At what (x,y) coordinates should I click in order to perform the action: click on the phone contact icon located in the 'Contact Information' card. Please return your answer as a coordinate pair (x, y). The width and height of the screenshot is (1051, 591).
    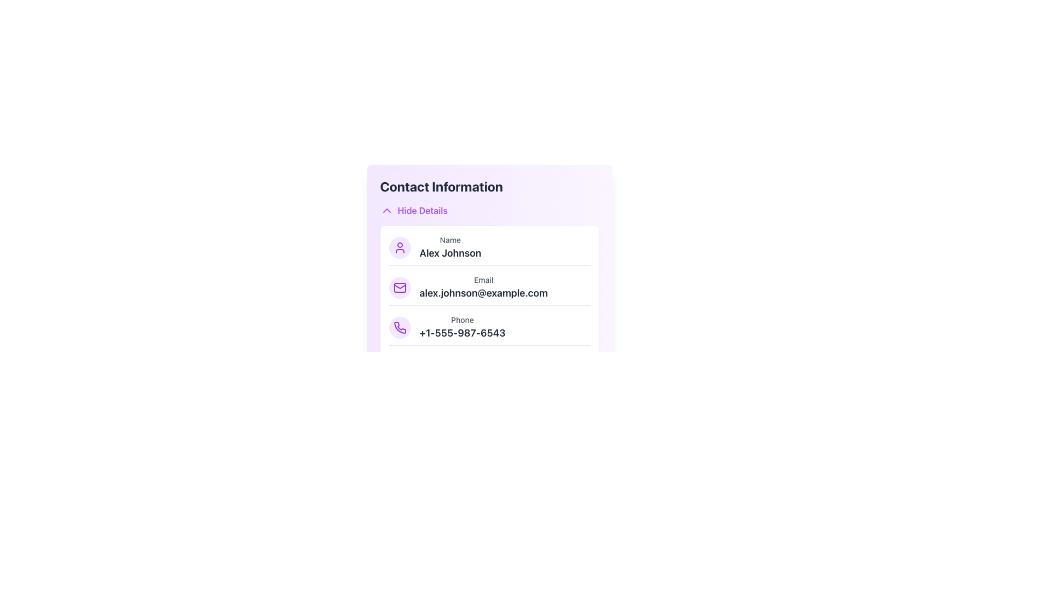
    Looking at the image, I should click on (399, 327).